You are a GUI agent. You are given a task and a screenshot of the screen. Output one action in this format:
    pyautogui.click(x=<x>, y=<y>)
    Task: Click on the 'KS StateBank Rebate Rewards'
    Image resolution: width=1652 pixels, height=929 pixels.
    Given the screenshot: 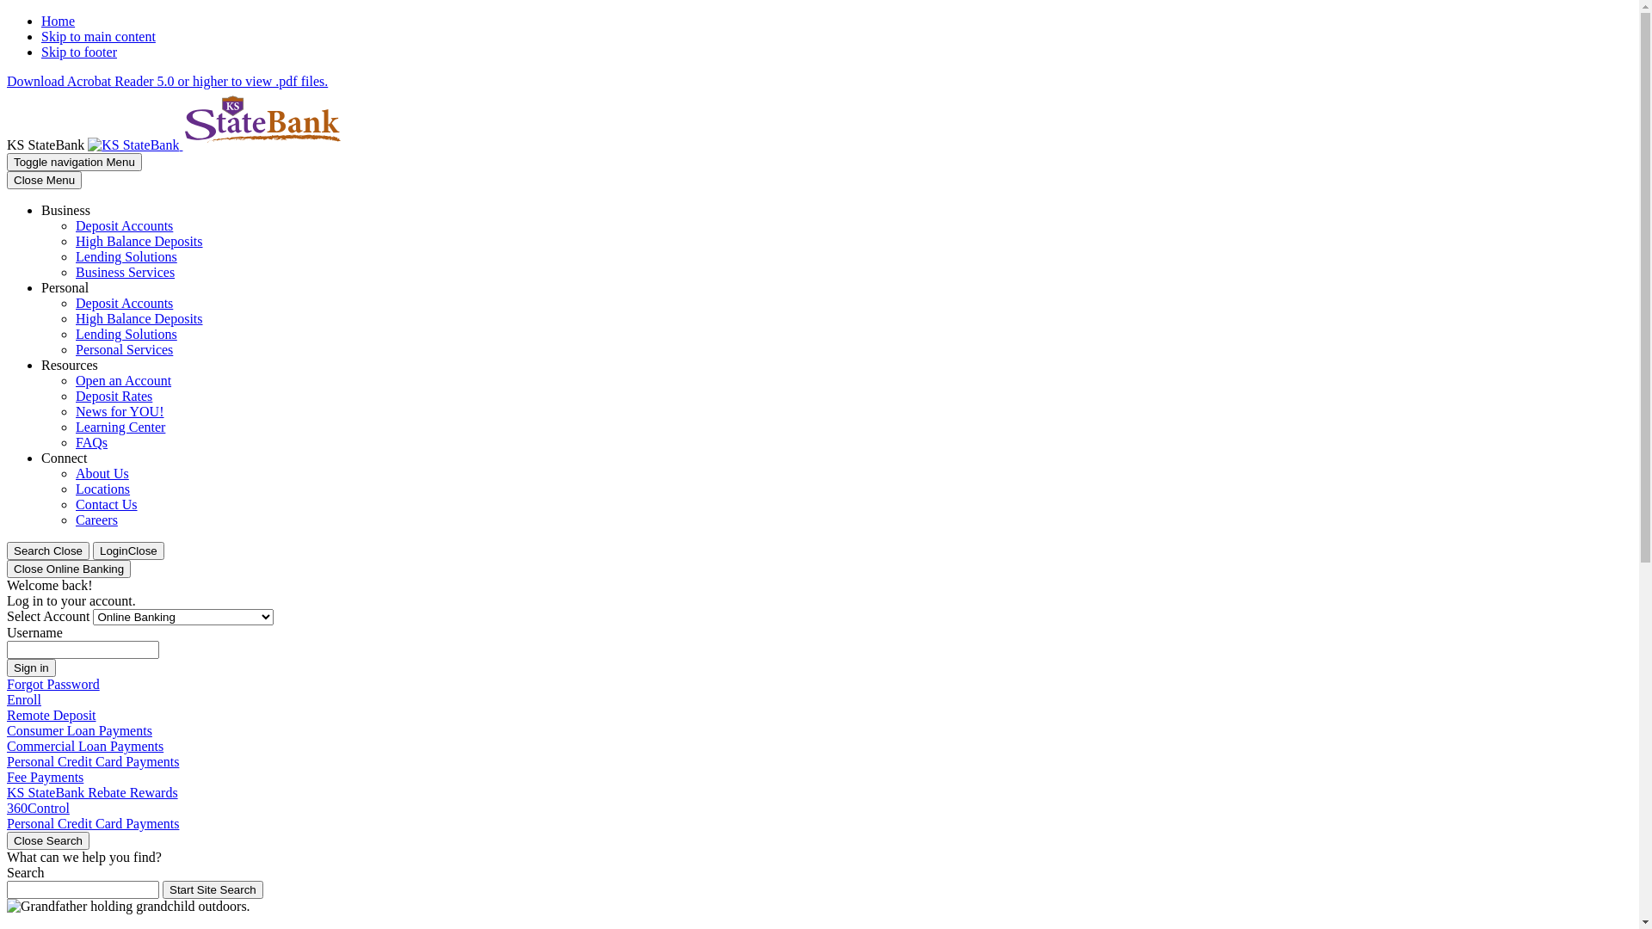 What is the action you would take?
    pyautogui.click(x=7, y=792)
    